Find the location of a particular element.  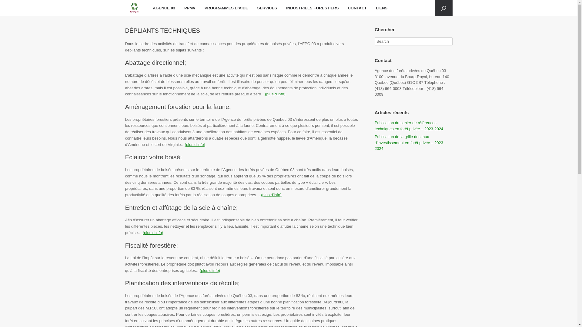

'AFPQ 03' is located at coordinates (134, 8).